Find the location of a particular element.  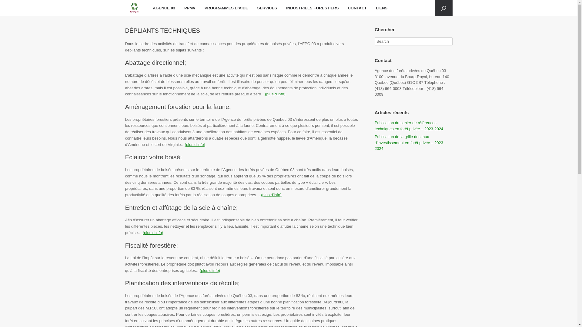

'AFPQ 03' is located at coordinates (134, 8).